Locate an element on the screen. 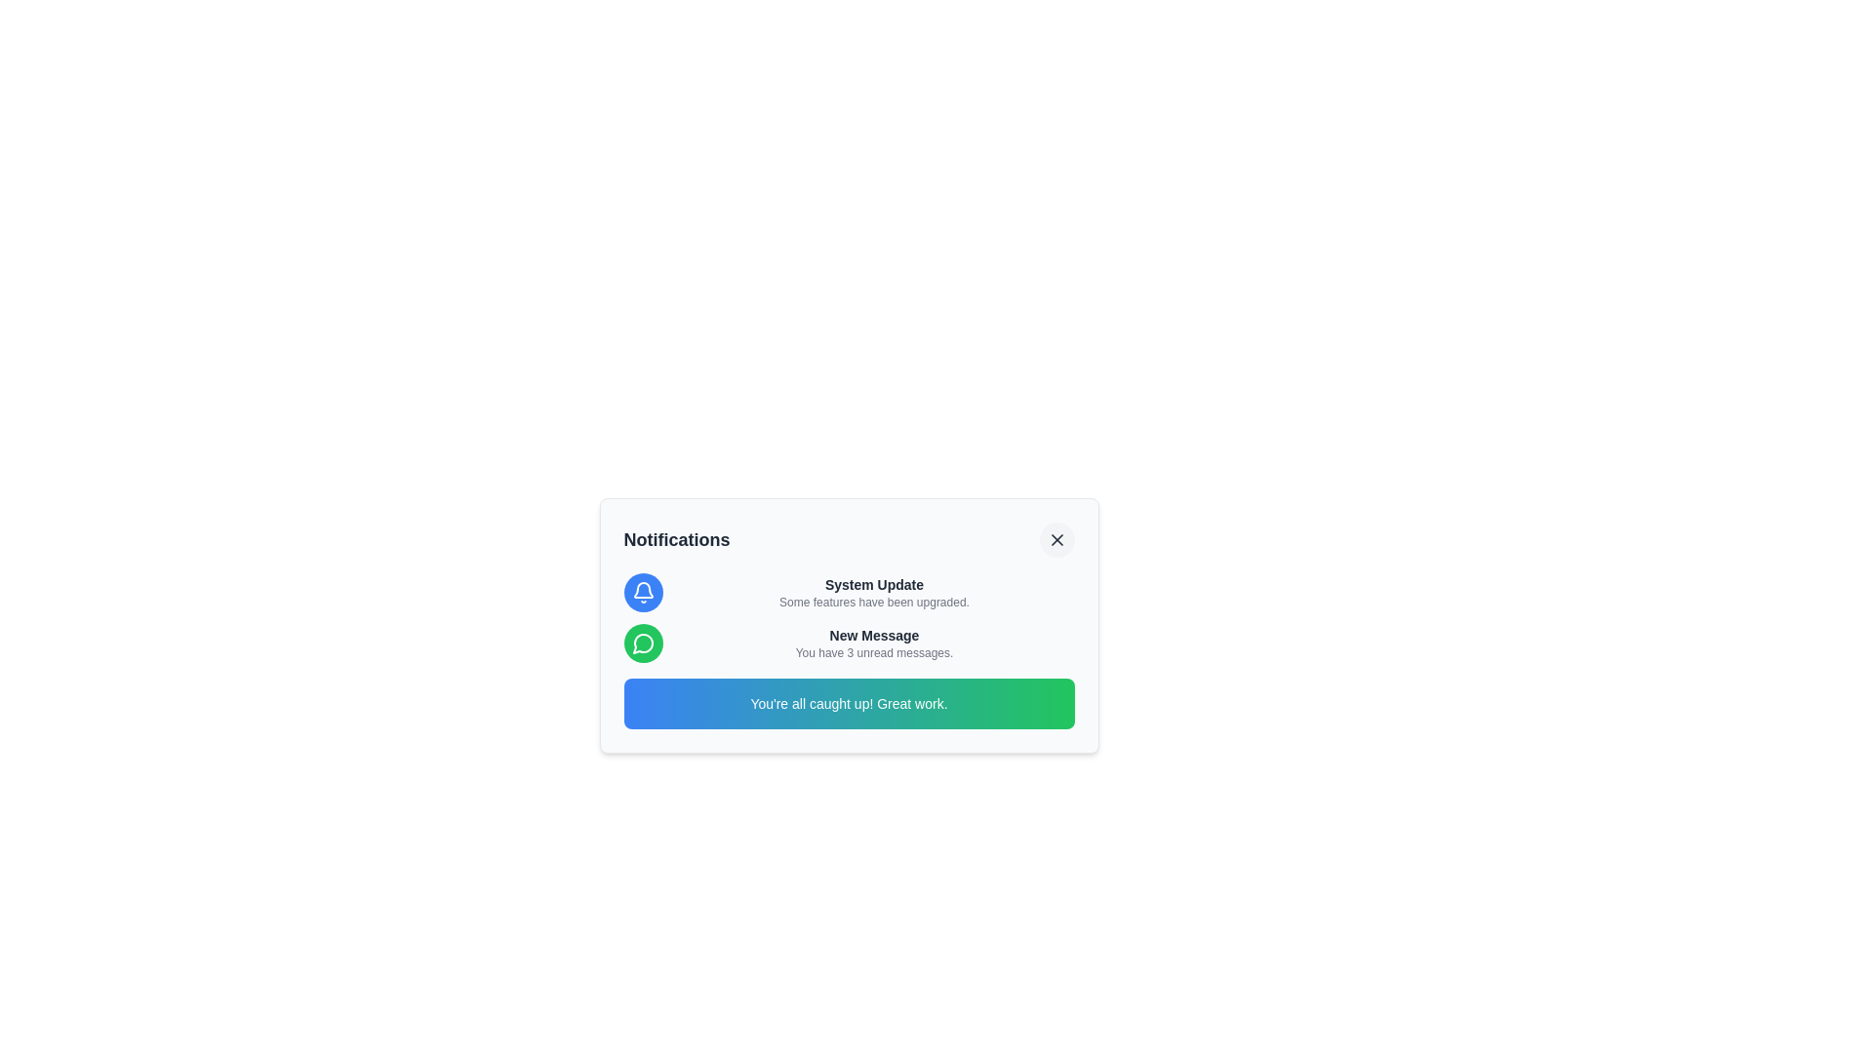 The height and width of the screenshot is (1053, 1873). text message displayed in the text component that says, 'You're all caught up! Great work.' located at the center of the gradient rectangular block is located at coordinates (849, 703).